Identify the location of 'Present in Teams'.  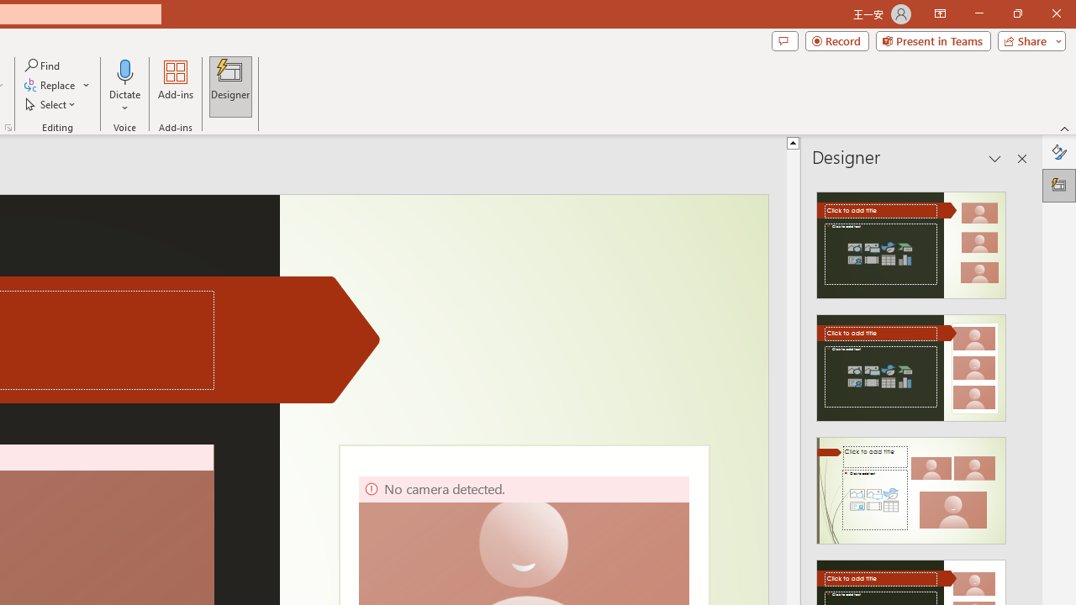
(932, 39).